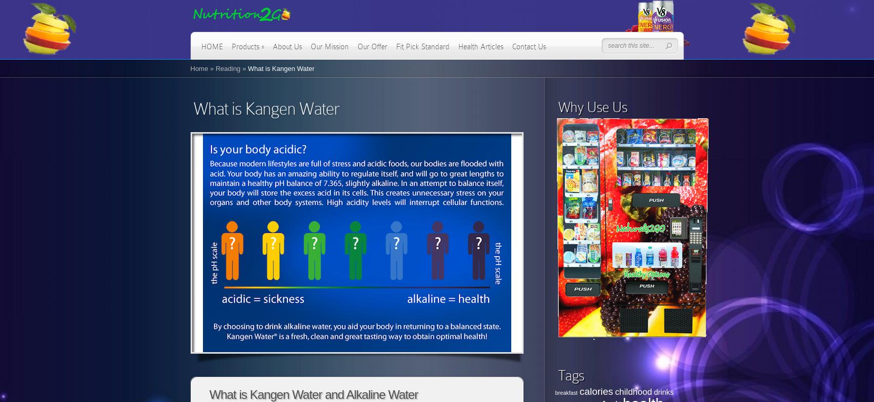 This screenshot has height=402, width=874. I want to click on 'Health Articles', so click(480, 47).